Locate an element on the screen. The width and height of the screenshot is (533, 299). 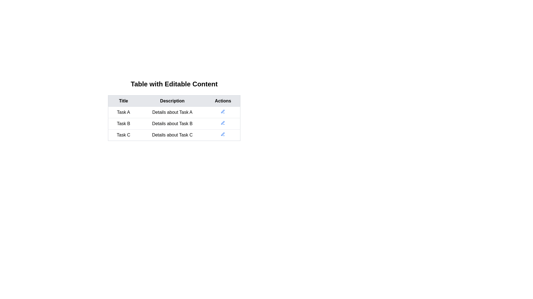
the text label stating 'Details about Task A', which is centrally aligned in the 'Description' column of the first row of the table, positioned between 'Task A' and an action icon is located at coordinates (172, 112).